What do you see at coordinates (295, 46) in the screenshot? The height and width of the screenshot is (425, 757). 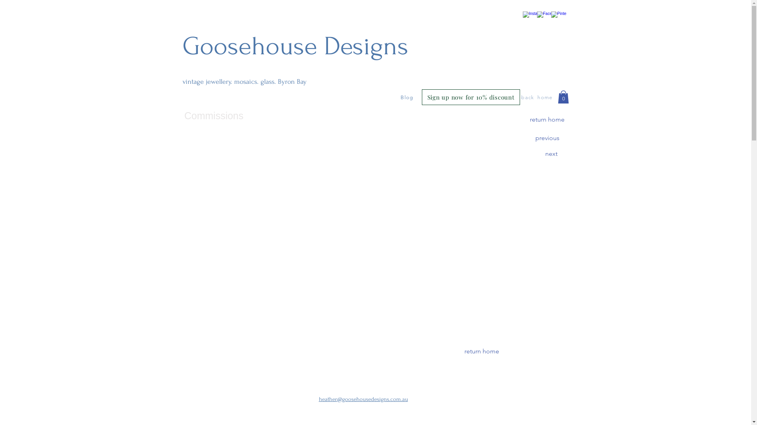 I see `'Goosehouse Designs'` at bounding box center [295, 46].